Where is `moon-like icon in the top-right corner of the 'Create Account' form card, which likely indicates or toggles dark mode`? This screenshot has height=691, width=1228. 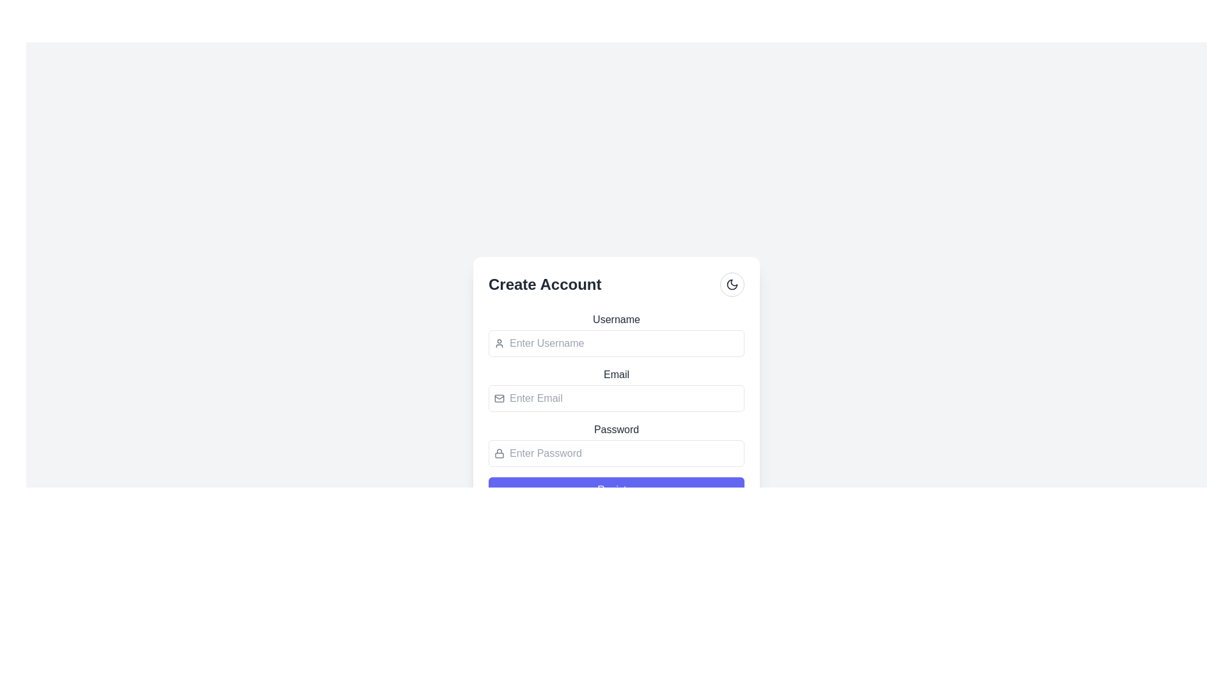 moon-like icon in the top-right corner of the 'Create Account' form card, which likely indicates or toggles dark mode is located at coordinates (732, 283).